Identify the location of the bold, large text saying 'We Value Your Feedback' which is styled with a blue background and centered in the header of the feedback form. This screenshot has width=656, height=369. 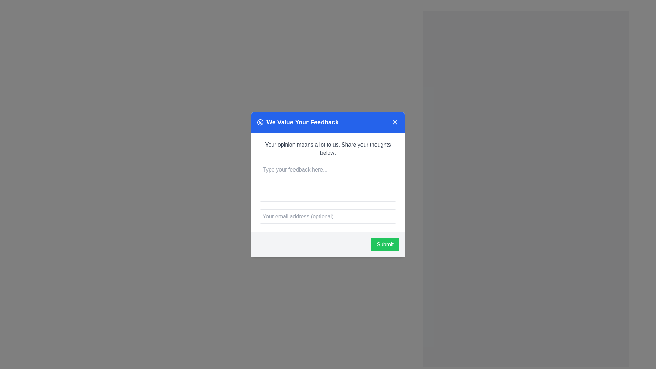
(302, 122).